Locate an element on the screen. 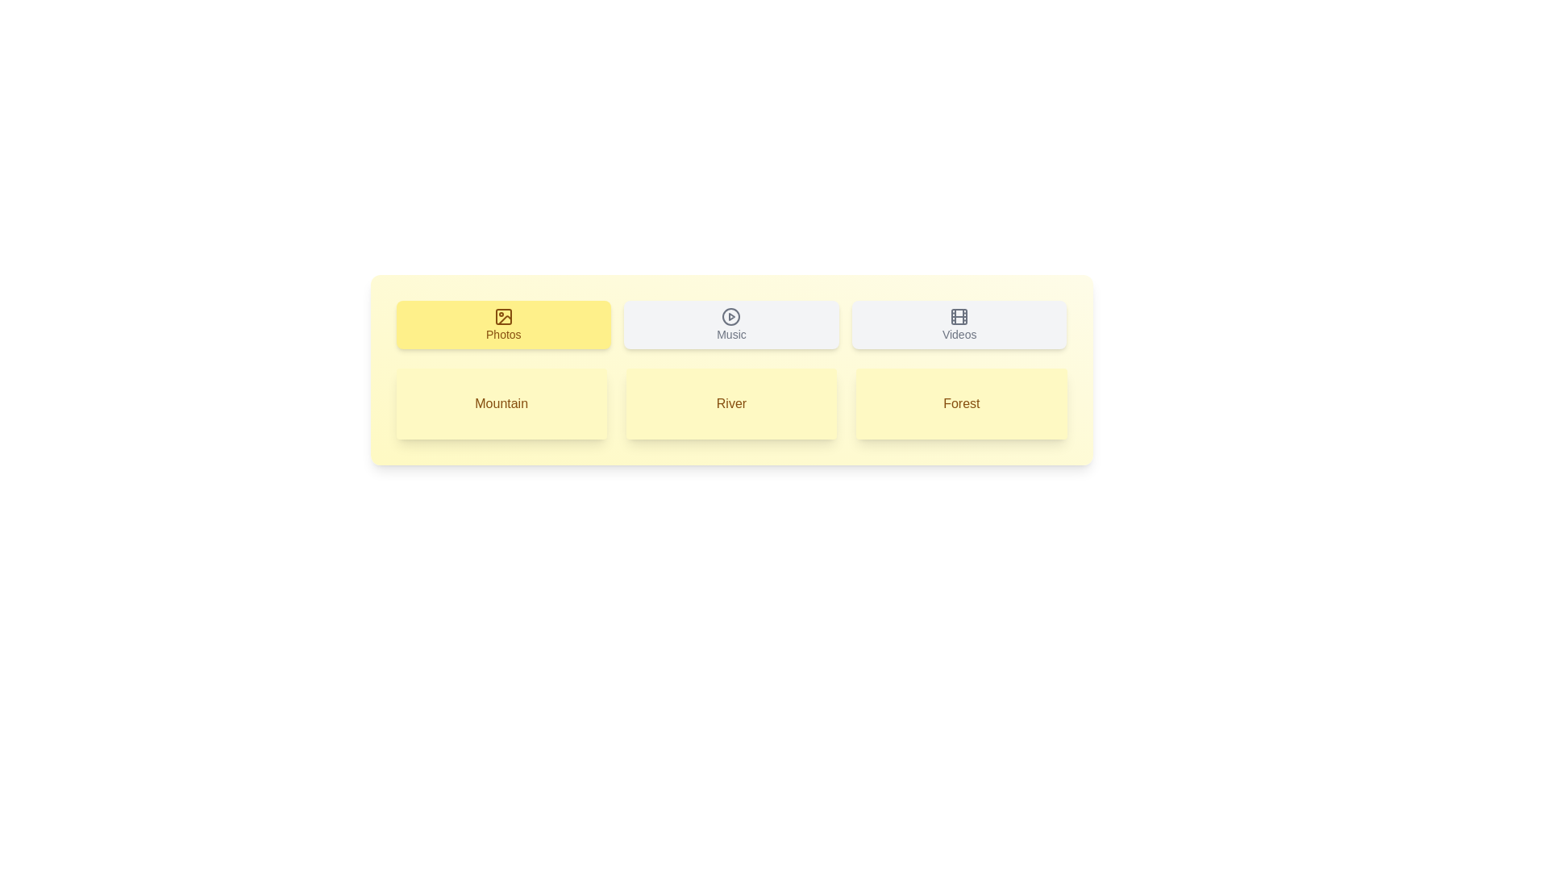 This screenshot has width=1548, height=871. the Photos tab to view its content is located at coordinates (502, 324).